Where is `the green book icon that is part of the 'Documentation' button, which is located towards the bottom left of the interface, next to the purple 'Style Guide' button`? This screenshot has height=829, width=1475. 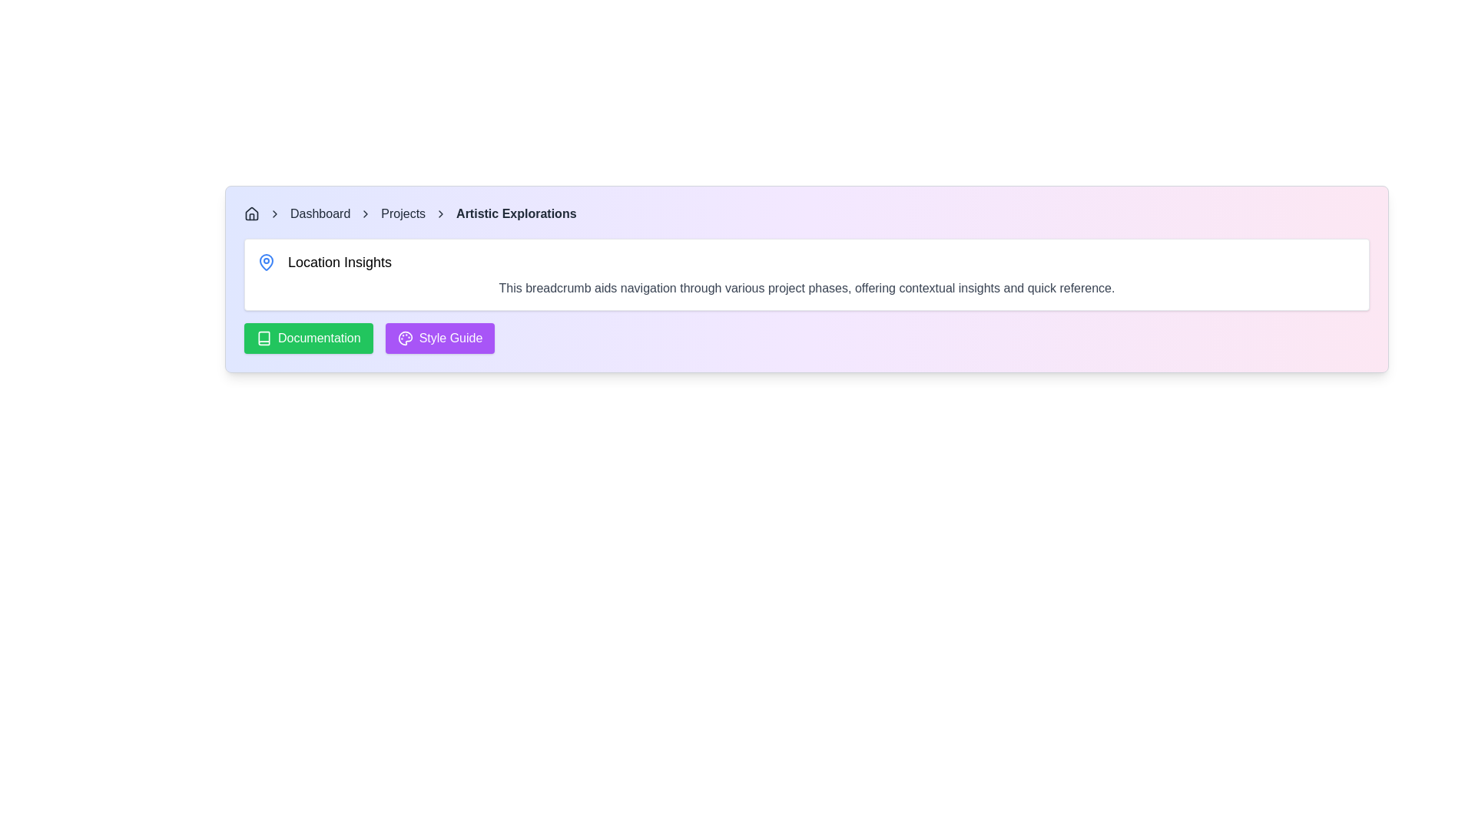
the green book icon that is part of the 'Documentation' button, which is located towards the bottom left of the interface, next to the purple 'Style Guide' button is located at coordinates (264, 337).